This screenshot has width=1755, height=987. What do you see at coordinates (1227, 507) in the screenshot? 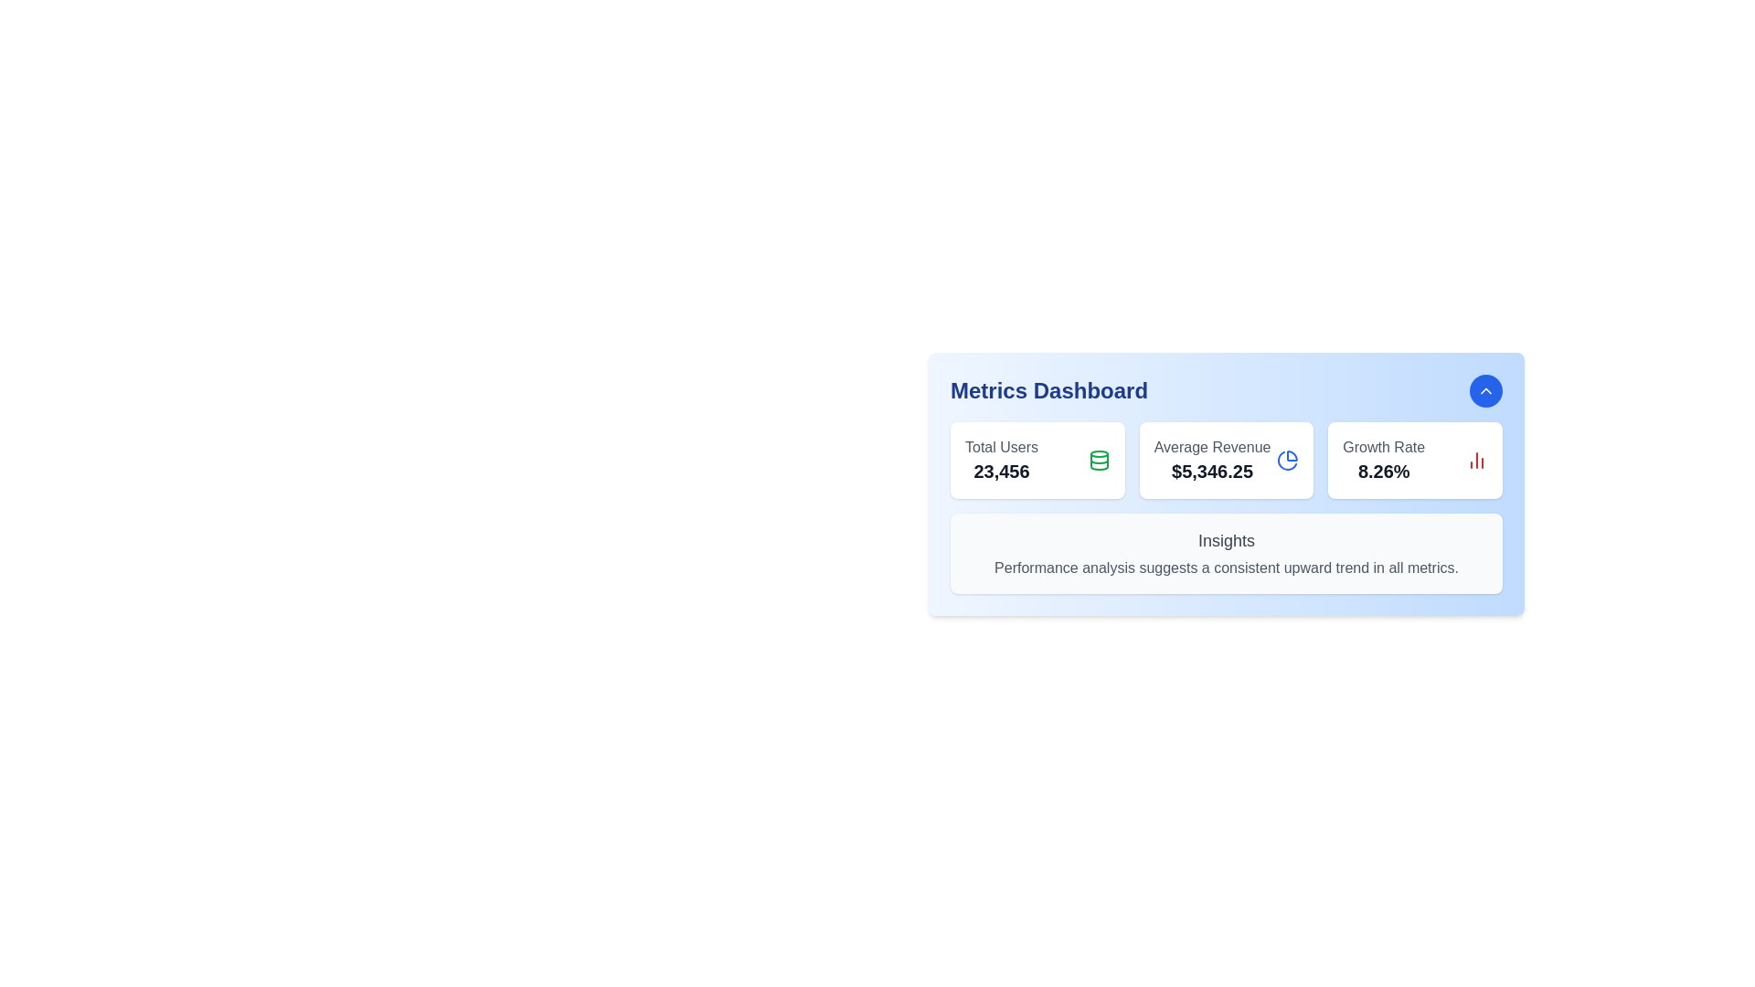
I see `insights text from the central card containing key statistics and insights in the 'Metrics Dashboard.'` at bounding box center [1227, 507].